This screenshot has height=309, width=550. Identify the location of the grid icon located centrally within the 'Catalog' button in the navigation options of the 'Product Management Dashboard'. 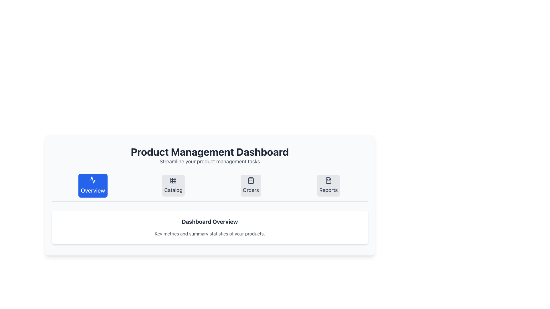
(173, 181).